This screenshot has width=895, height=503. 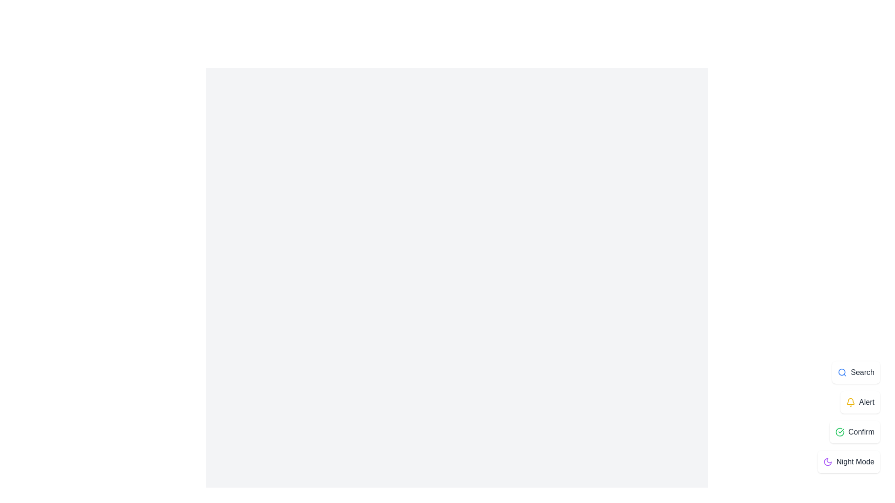 What do you see at coordinates (849, 462) in the screenshot?
I see `the 'Night Mode' option` at bounding box center [849, 462].